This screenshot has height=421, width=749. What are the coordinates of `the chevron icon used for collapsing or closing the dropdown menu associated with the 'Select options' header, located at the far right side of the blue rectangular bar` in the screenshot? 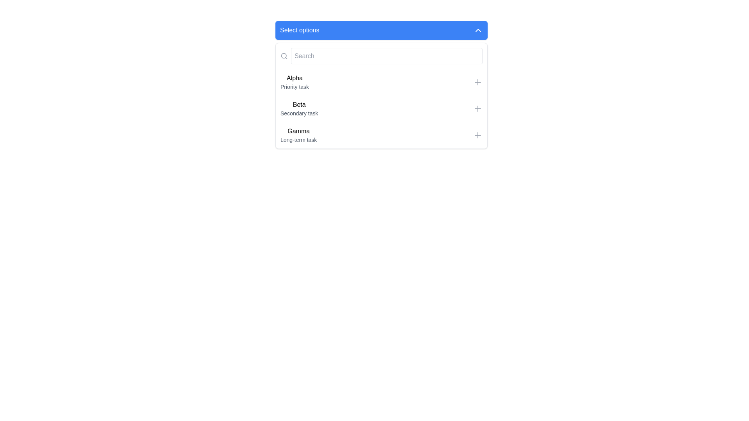 It's located at (477, 30).